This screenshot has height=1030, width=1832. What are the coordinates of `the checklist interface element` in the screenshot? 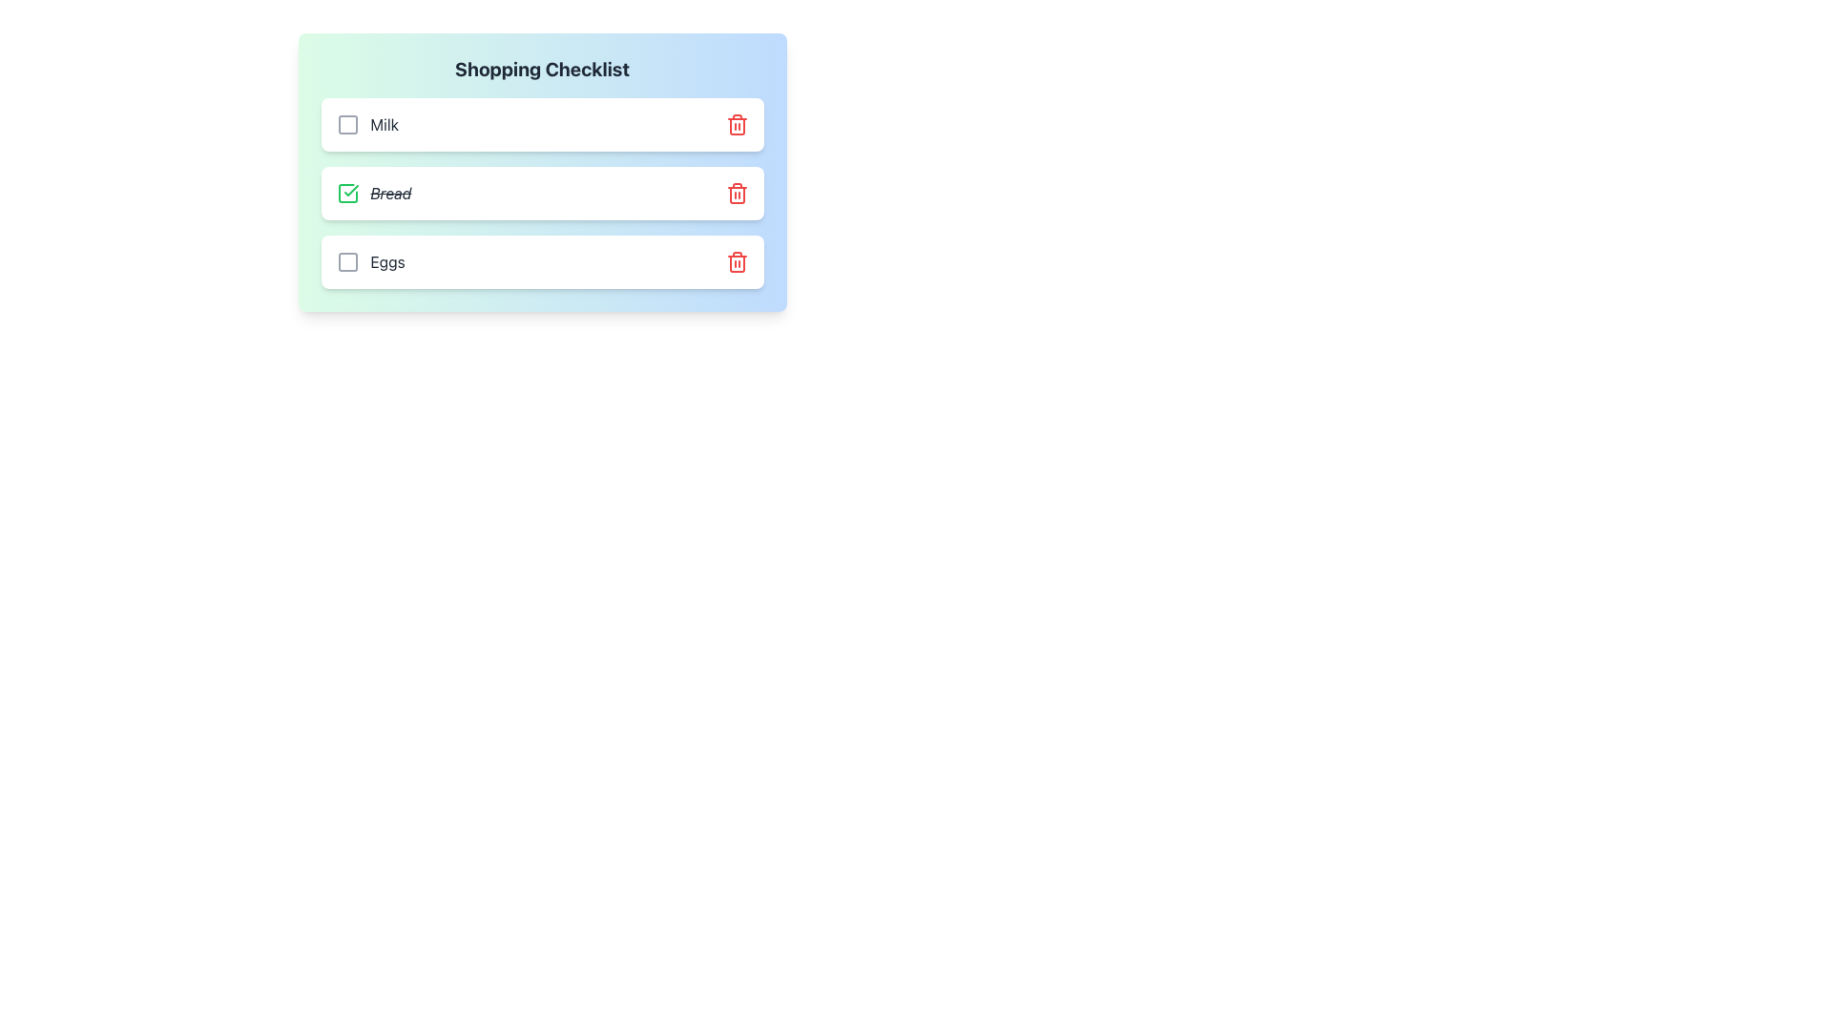 It's located at (541, 173).